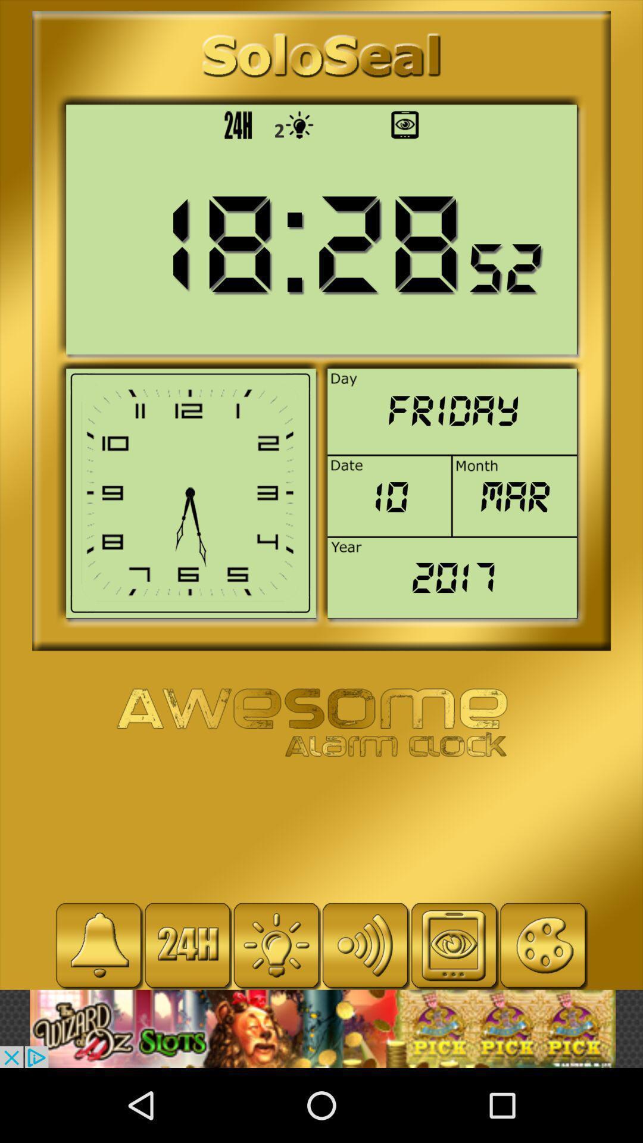 The height and width of the screenshot is (1143, 643). What do you see at coordinates (98, 945) in the screenshot?
I see `set alarm` at bounding box center [98, 945].